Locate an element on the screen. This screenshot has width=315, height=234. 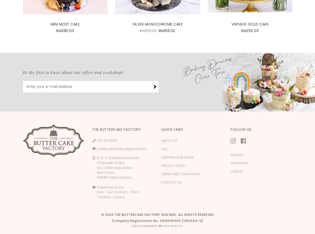
'RM250.00' is located at coordinates (241, 30).